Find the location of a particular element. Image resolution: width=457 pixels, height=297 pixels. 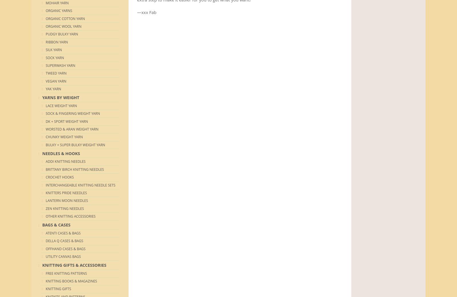

'Vegan Yarn' is located at coordinates (56, 81).